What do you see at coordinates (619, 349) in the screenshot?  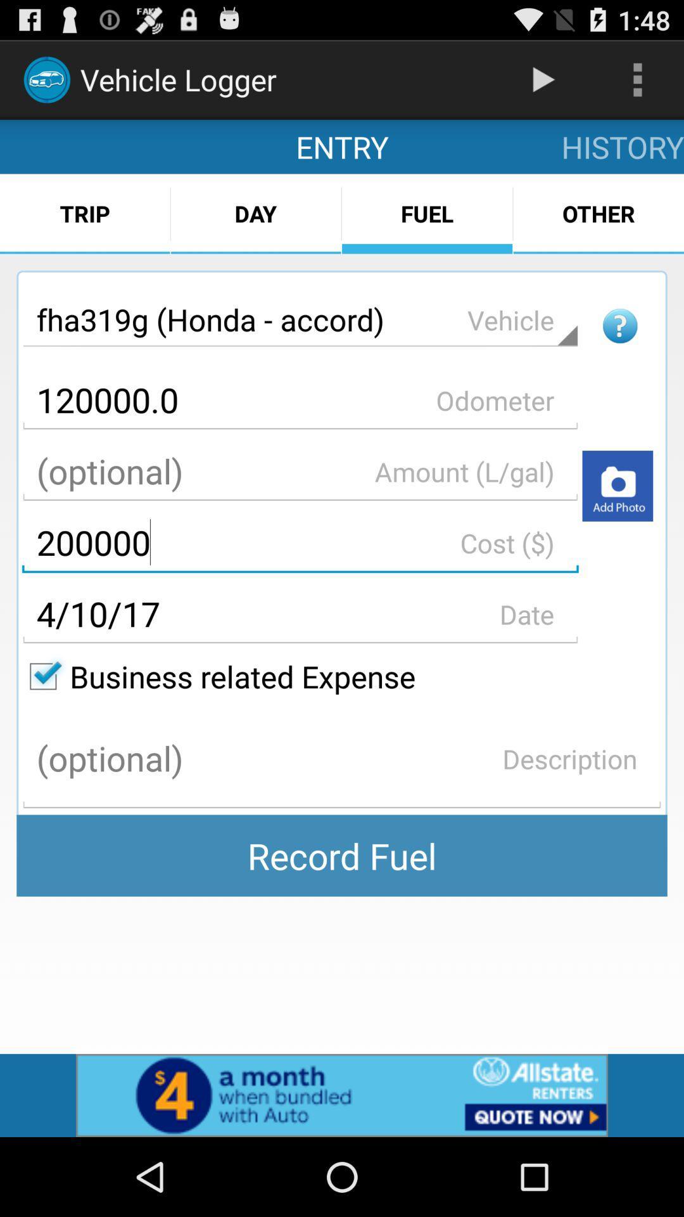 I see `the help icon` at bounding box center [619, 349].